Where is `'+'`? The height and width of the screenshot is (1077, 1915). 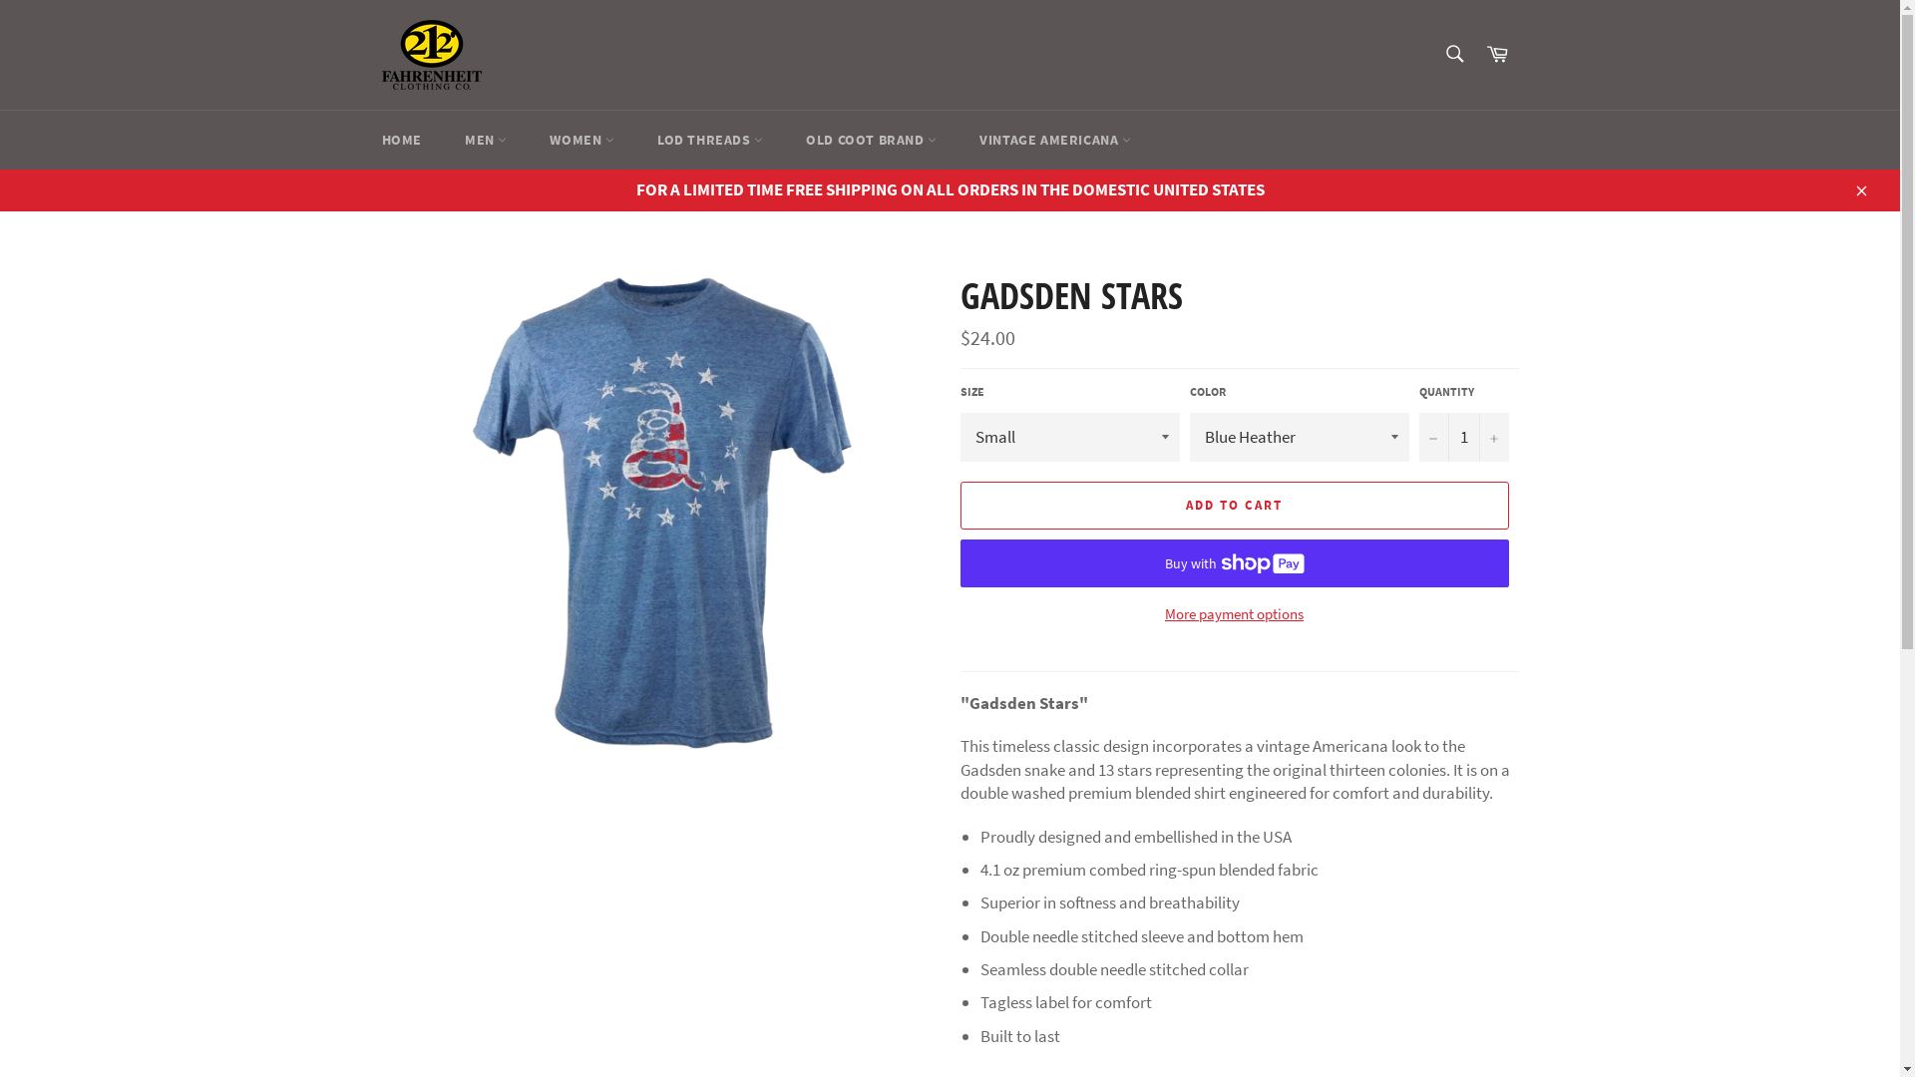 '+' is located at coordinates (1493, 436).